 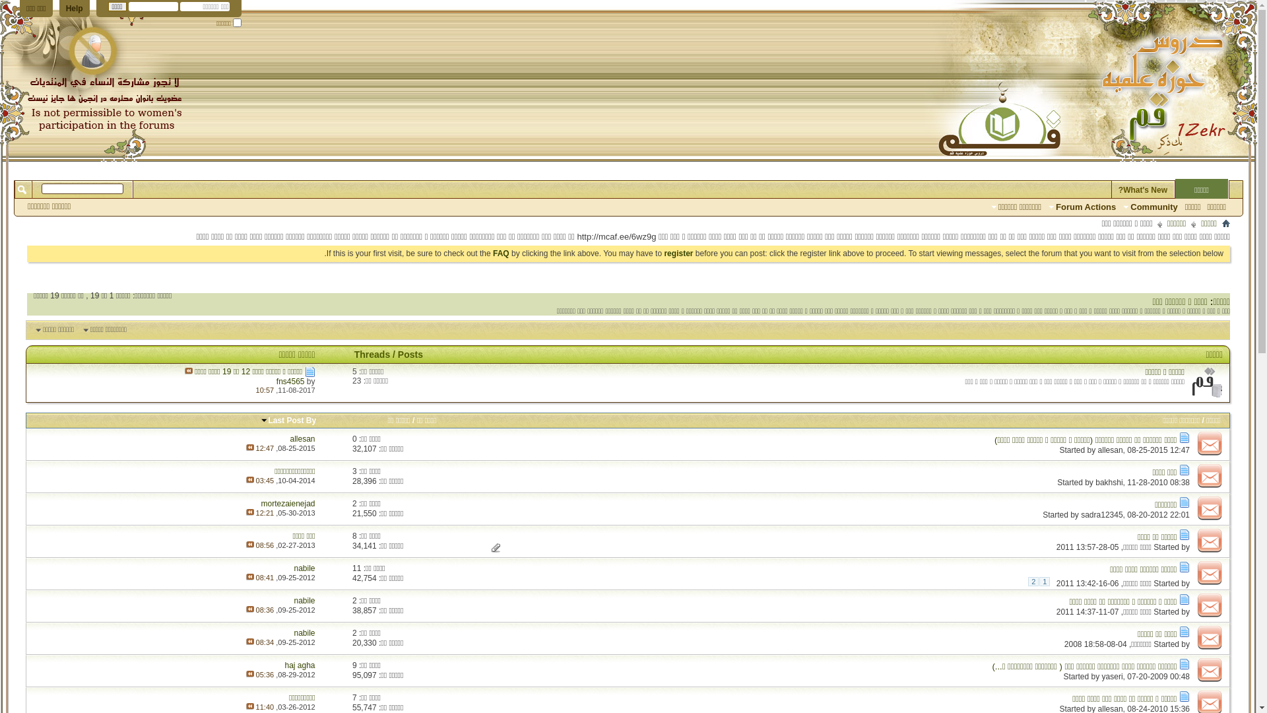 I want to click on 'fns4565', so click(x=275, y=382).